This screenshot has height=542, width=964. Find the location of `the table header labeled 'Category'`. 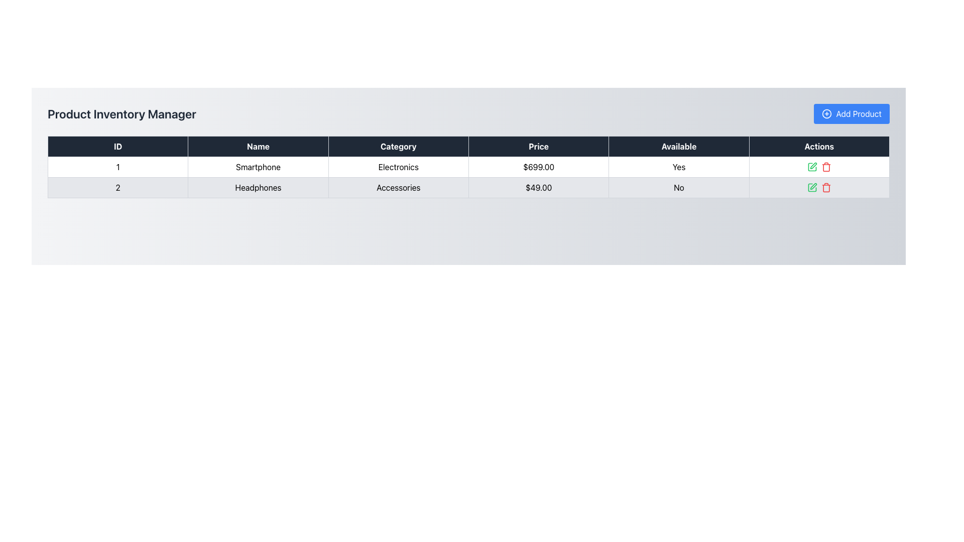

the table header labeled 'Category' is located at coordinates (398, 147).